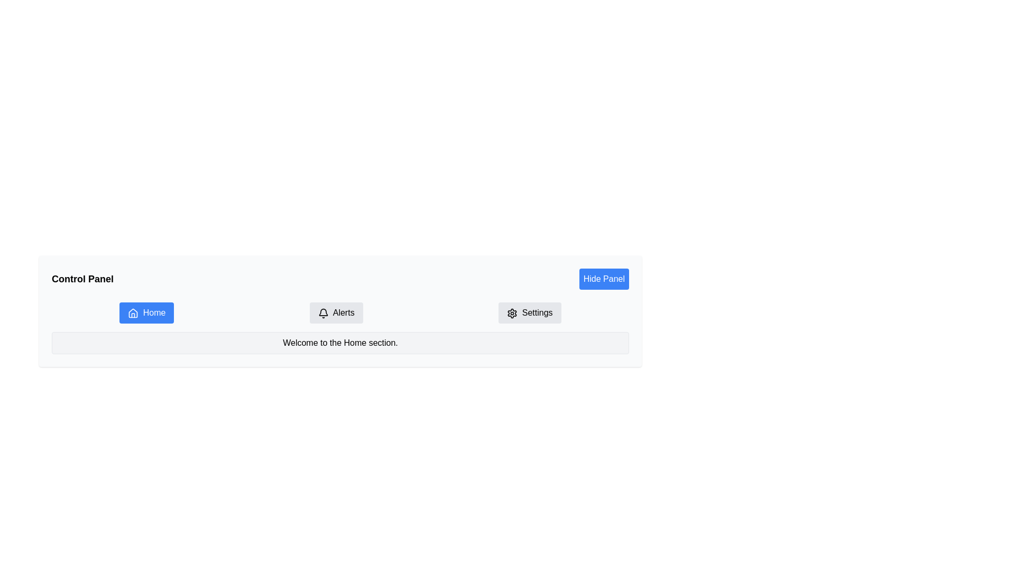 This screenshot has width=1015, height=571. I want to click on the bell-shaped notification icon located within the 'Alerts' button, which is positioned in the center of the horizontal navigation bar, to the left of the 'Alerts' text, so click(323, 312).